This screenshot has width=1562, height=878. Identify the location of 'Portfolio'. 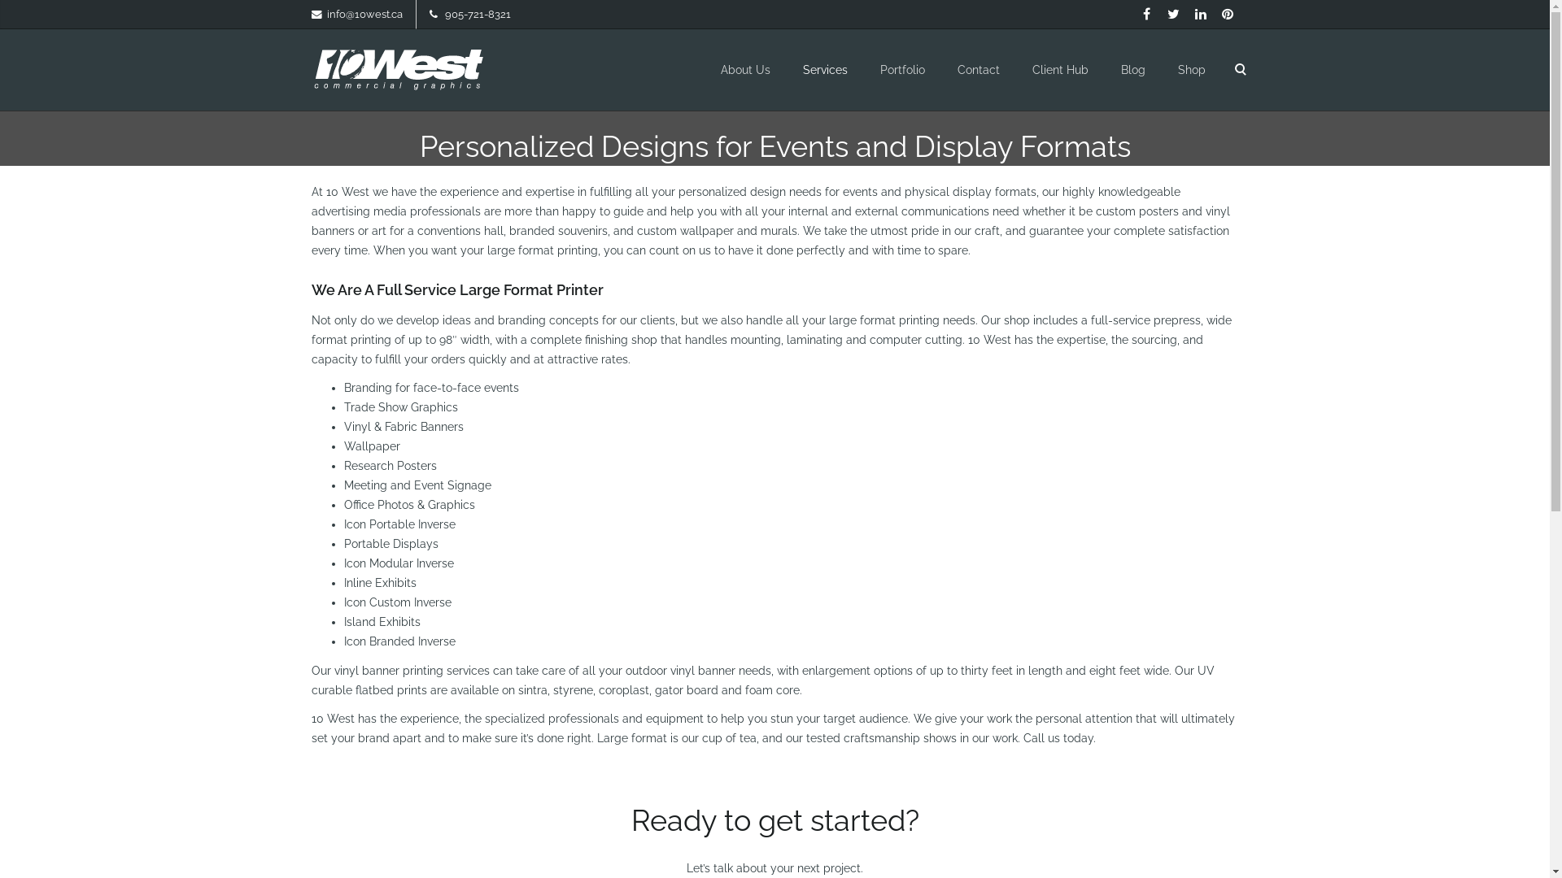
(901, 68).